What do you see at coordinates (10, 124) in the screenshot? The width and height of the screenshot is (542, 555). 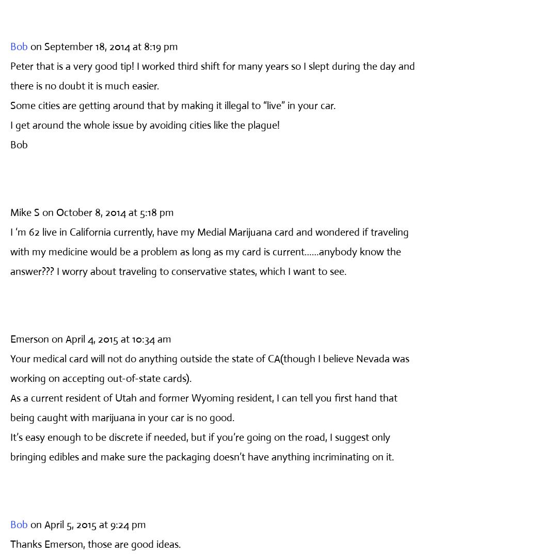 I see `'I get around the whole issue by avoiding cities like the plague!'` at bounding box center [10, 124].